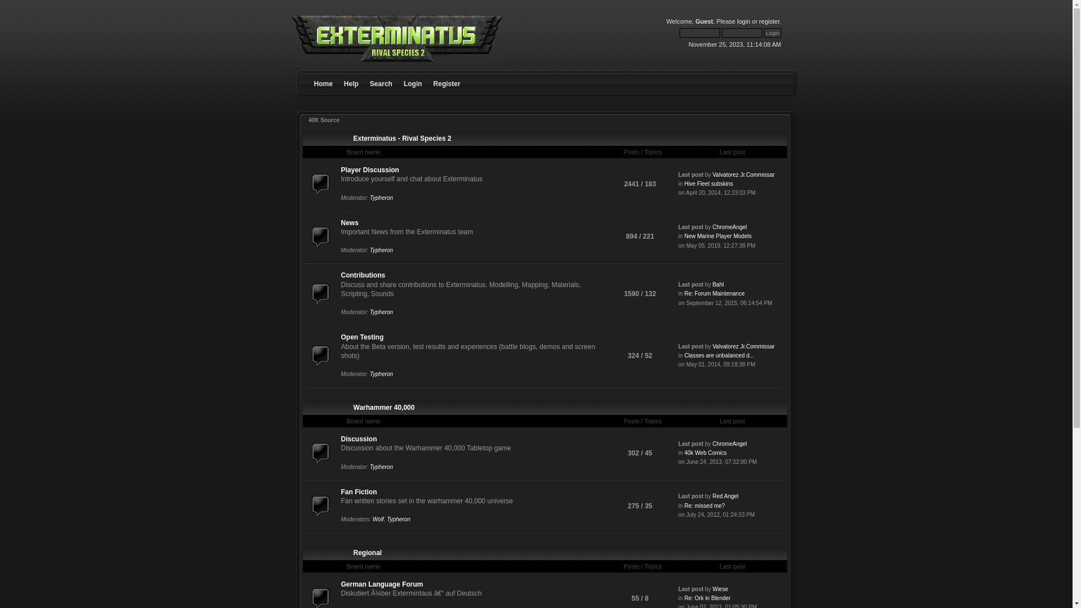  I want to click on 'Home', so click(323, 74).